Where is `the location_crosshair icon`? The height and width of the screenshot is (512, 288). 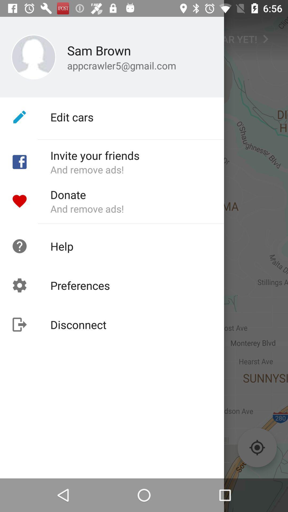 the location_crosshair icon is located at coordinates (257, 447).